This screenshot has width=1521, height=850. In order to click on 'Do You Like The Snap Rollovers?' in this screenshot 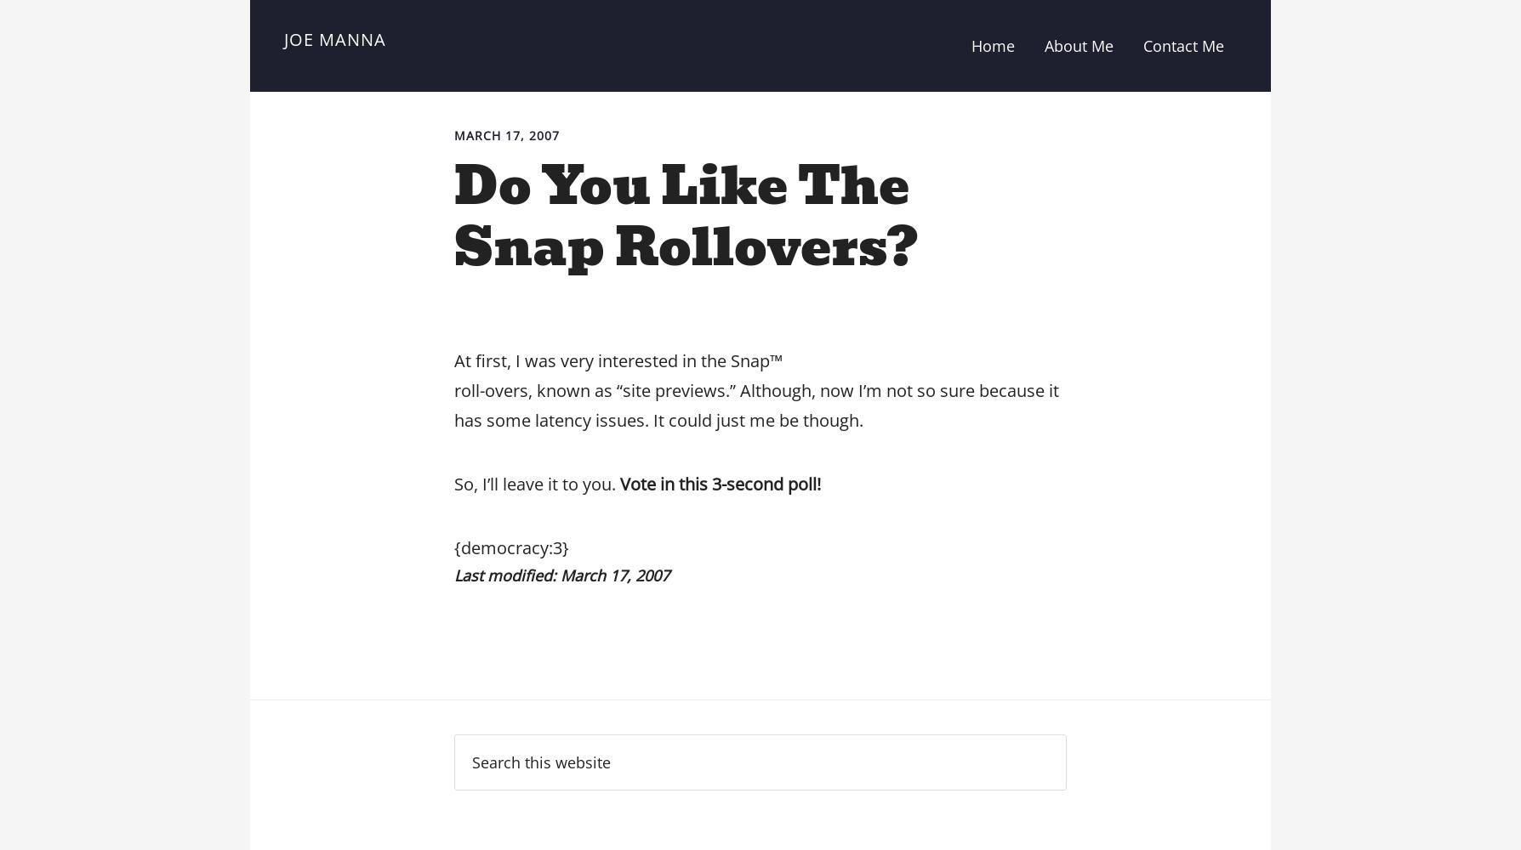, I will do `click(685, 216)`.